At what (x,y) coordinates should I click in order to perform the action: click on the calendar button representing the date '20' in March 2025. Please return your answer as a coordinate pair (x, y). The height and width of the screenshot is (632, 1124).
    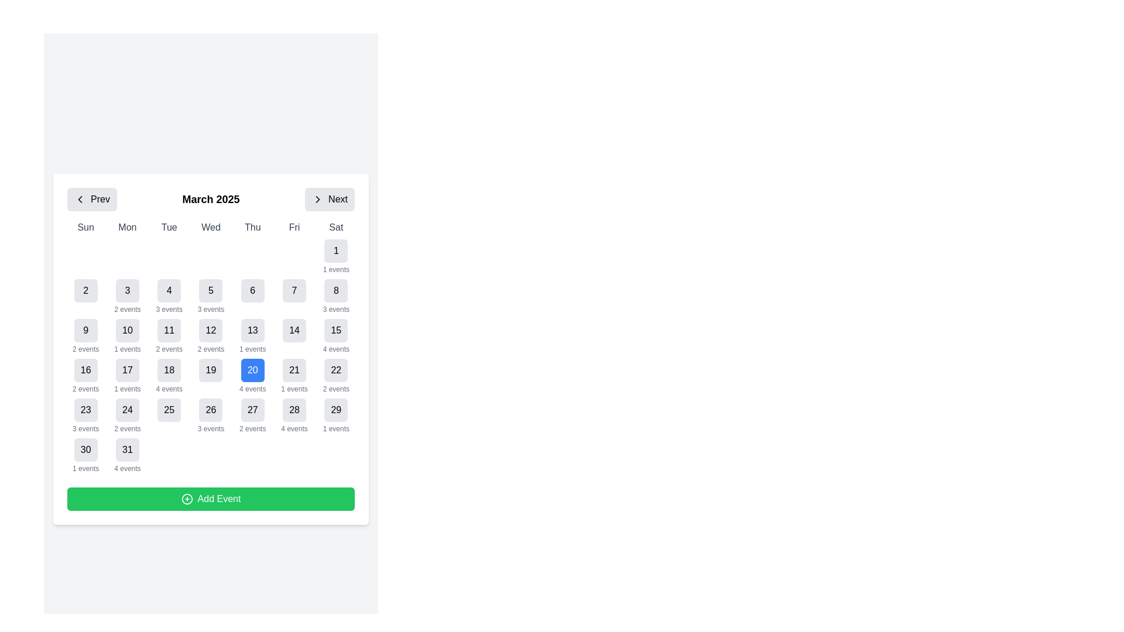
    Looking at the image, I should click on (252, 370).